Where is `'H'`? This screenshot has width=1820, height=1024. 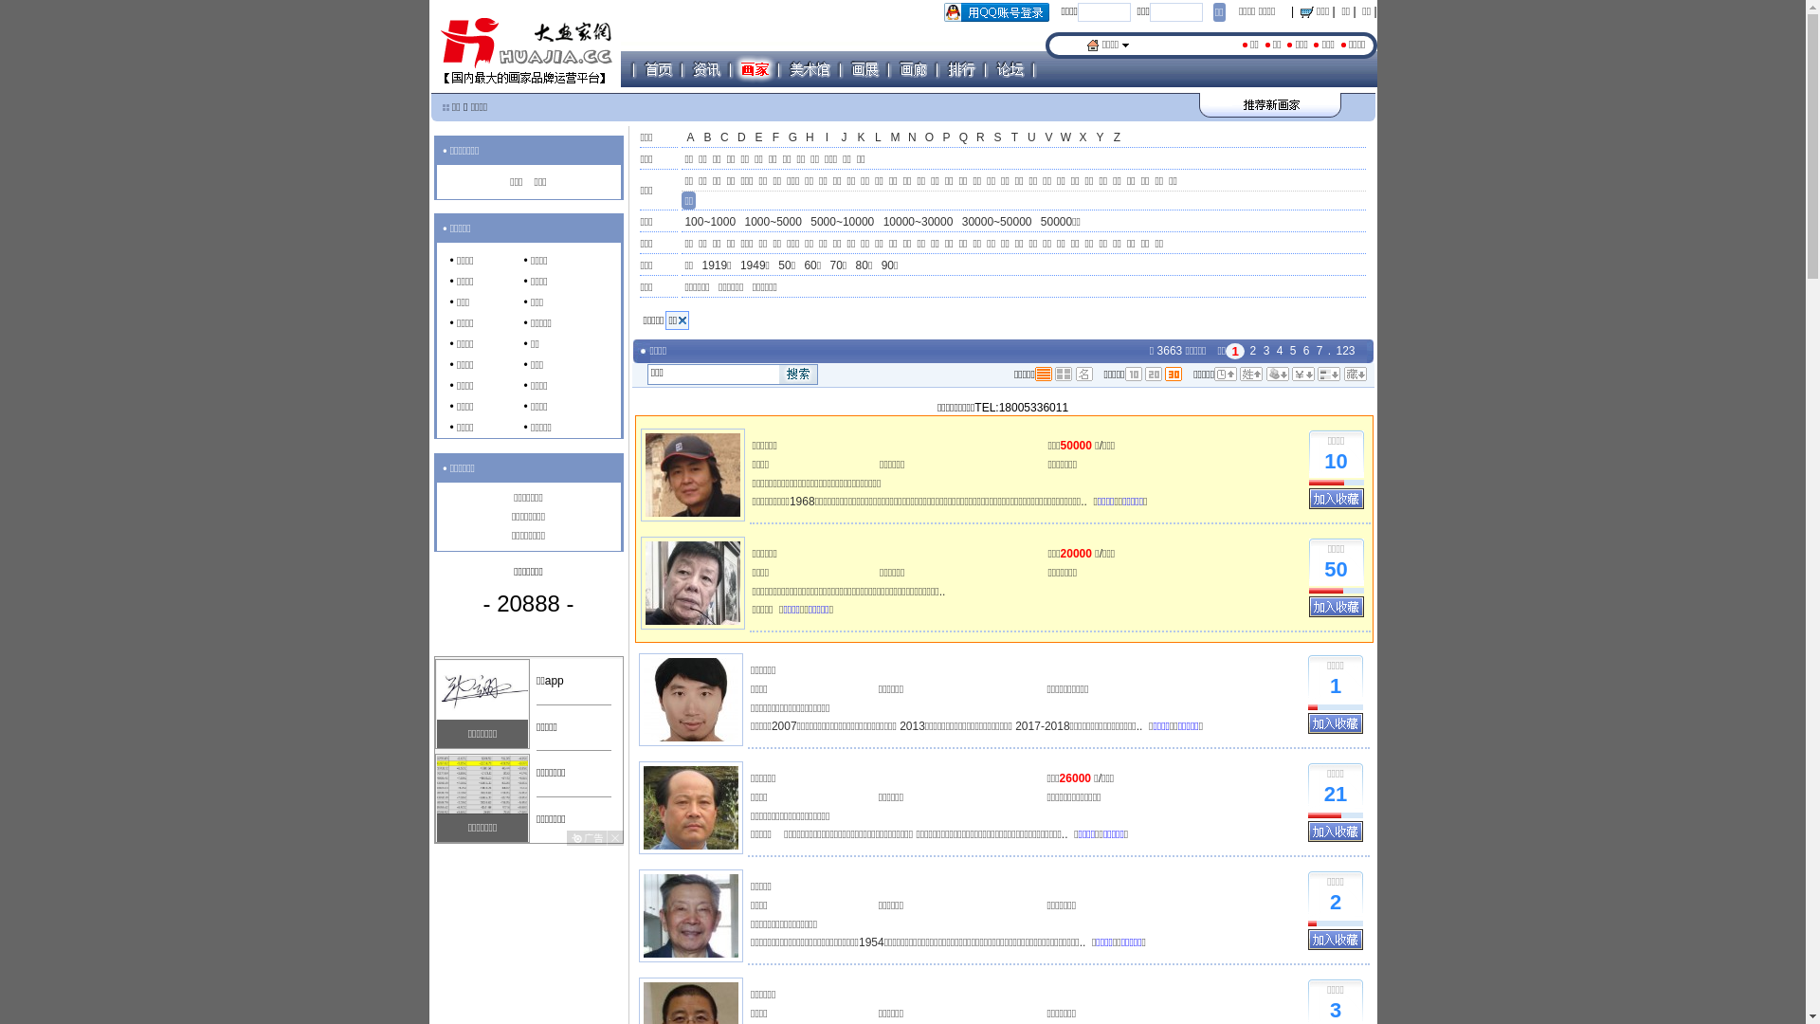 'H' is located at coordinates (810, 137).